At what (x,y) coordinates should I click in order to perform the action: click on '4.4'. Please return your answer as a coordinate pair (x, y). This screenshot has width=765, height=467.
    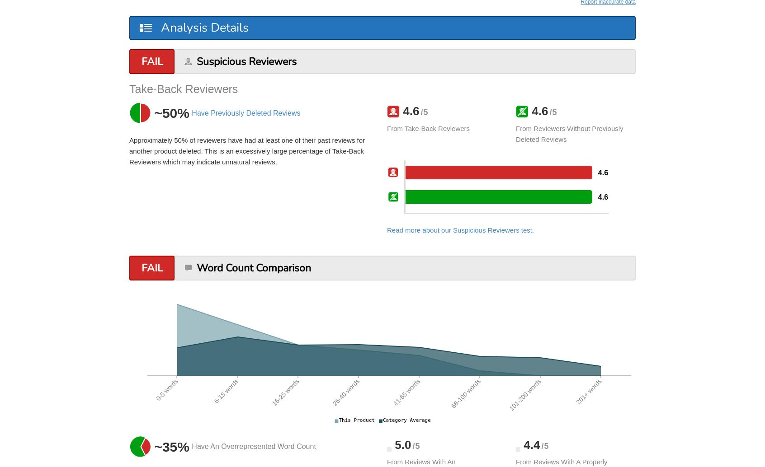
    Looking at the image, I should click on (529, 444).